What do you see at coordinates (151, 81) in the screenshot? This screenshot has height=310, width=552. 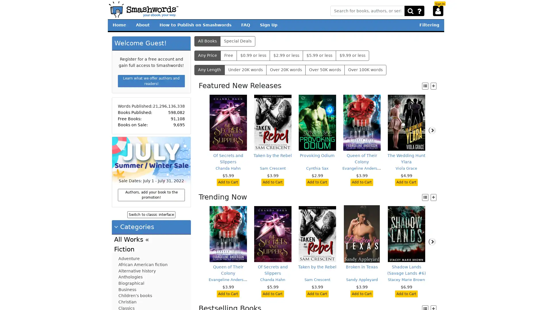 I see `Learn what we offer authors and readers!` at bounding box center [151, 81].